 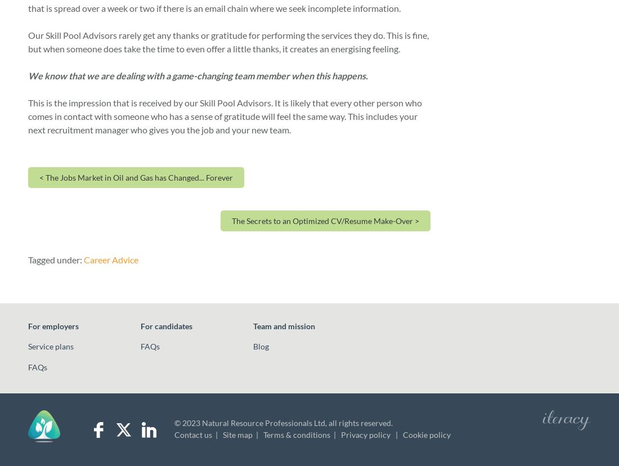 What do you see at coordinates (237, 434) in the screenshot?
I see `'Site map'` at bounding box center [237, 434].